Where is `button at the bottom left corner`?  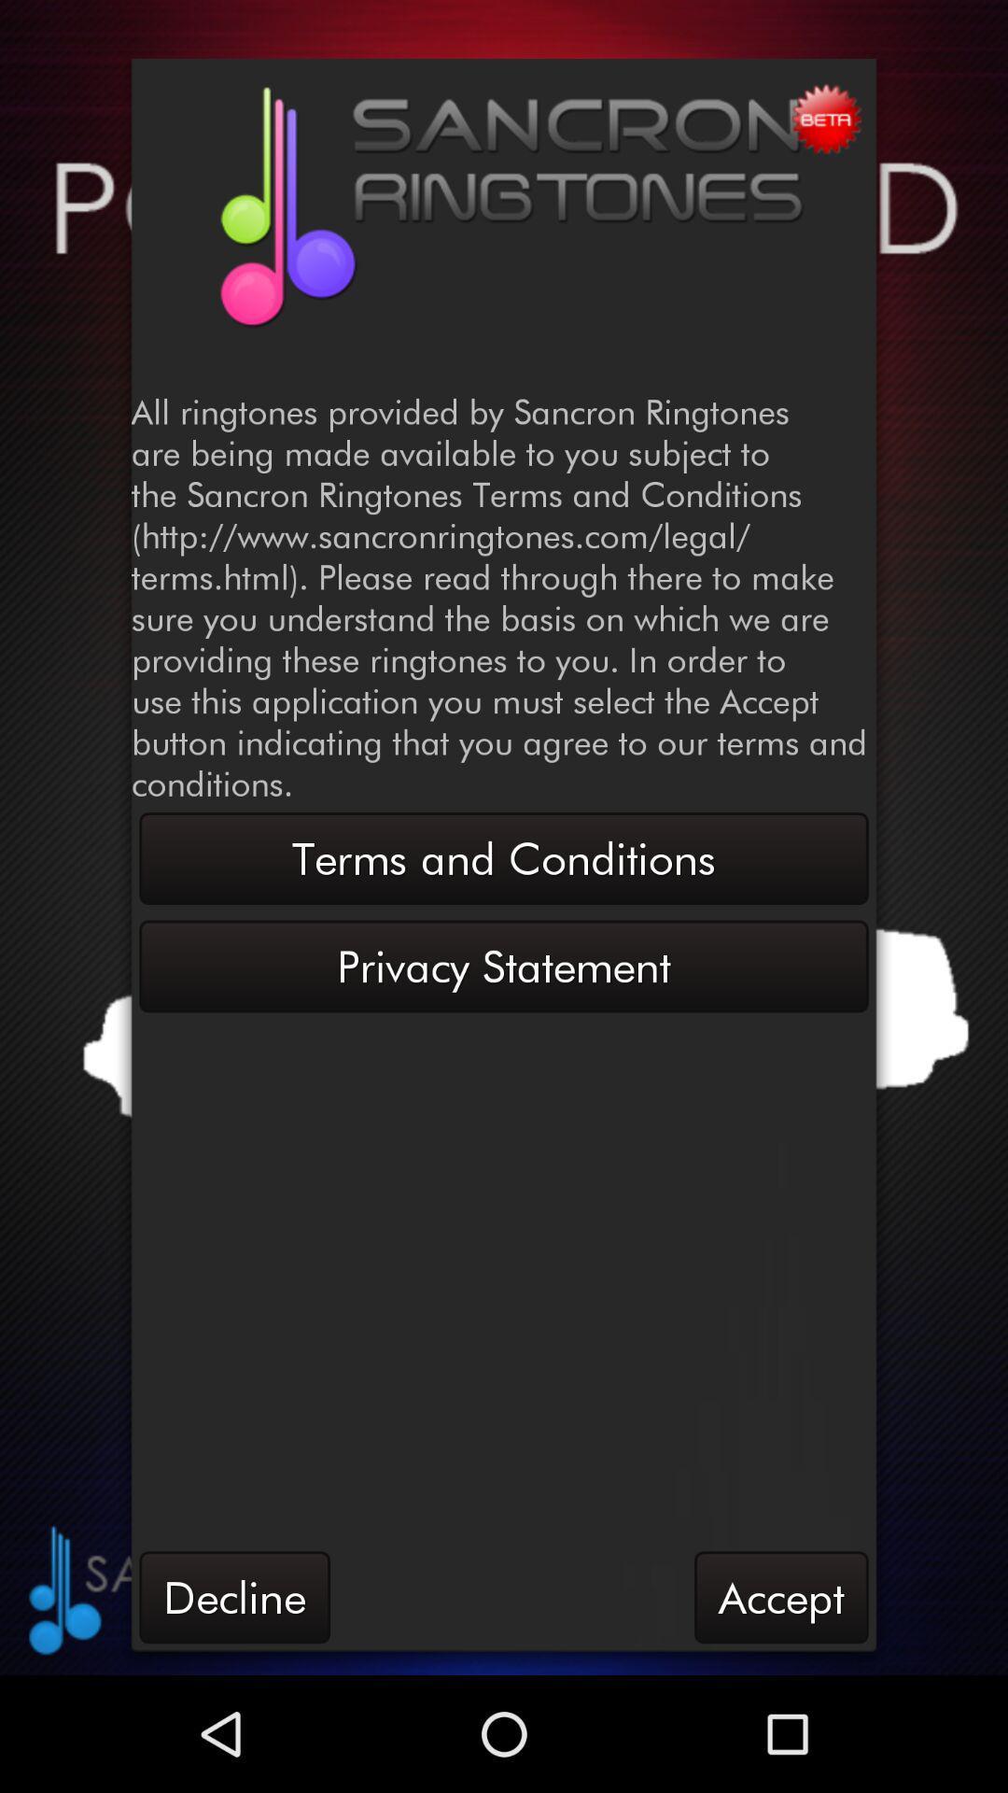
button at the bottom left corner is located at coordinates (233, 1596).